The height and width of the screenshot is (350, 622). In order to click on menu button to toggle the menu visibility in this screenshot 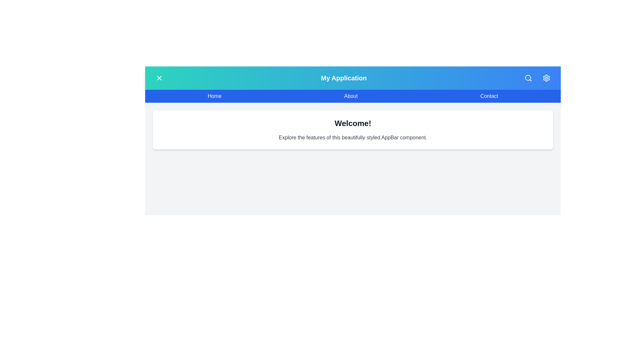, I will do `click(159, 77)`.